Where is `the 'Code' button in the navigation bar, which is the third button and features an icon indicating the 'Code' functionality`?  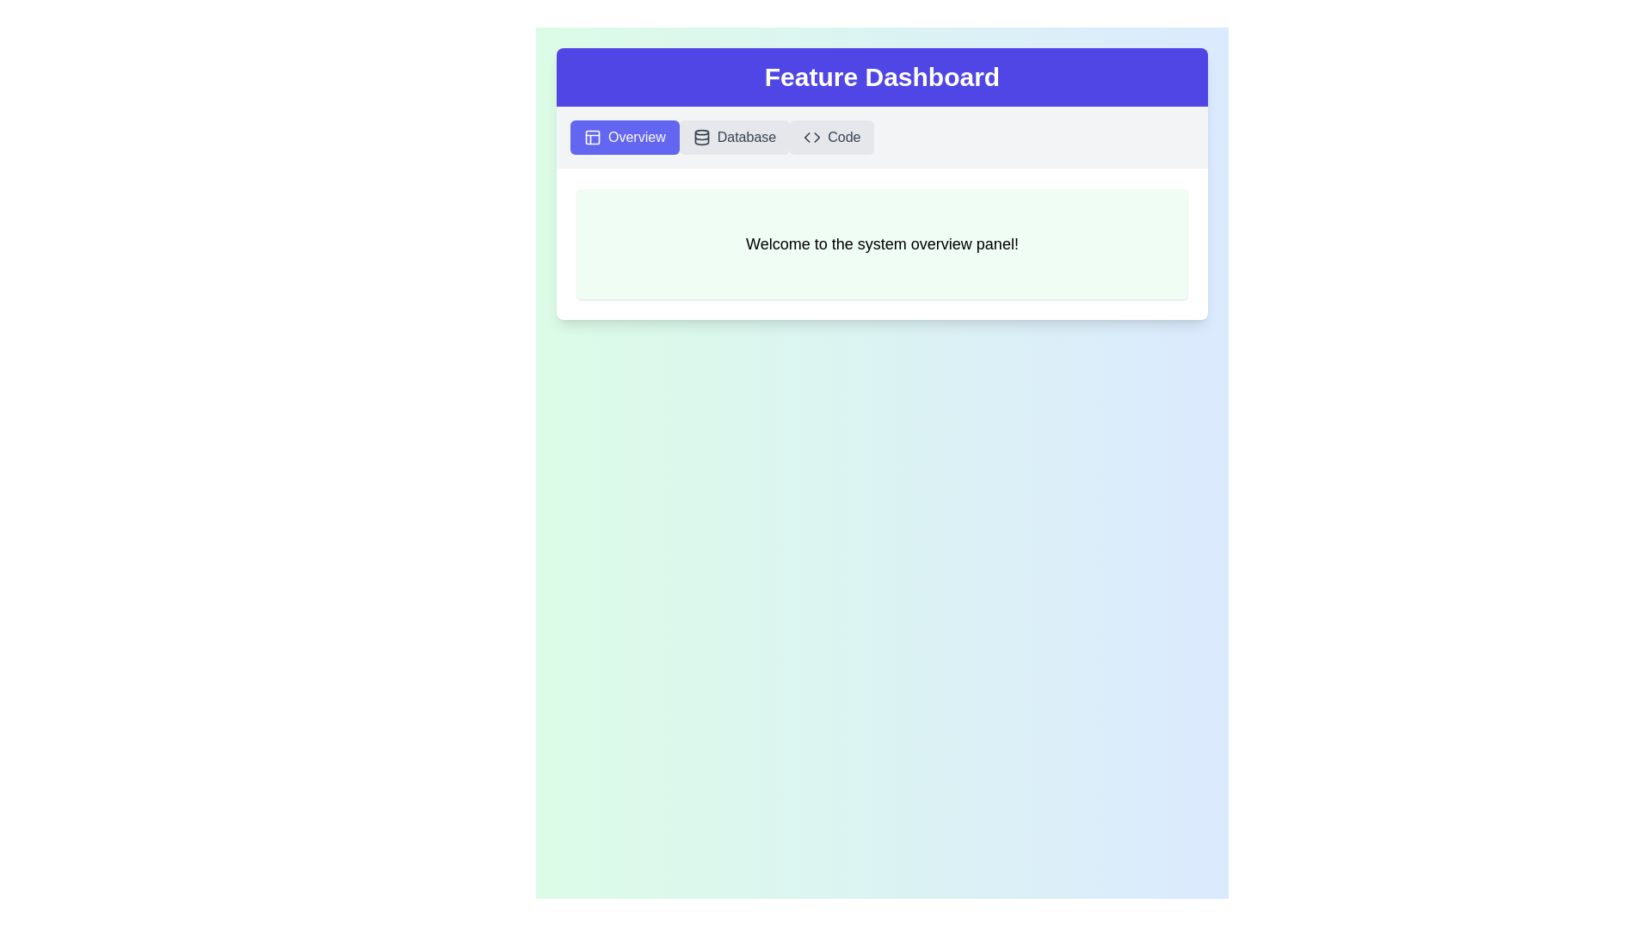 the 'Code' button in the navigation bar, which is the third button and features an icon indicating the 'Code' functionality is located at coordinates (811, 136).